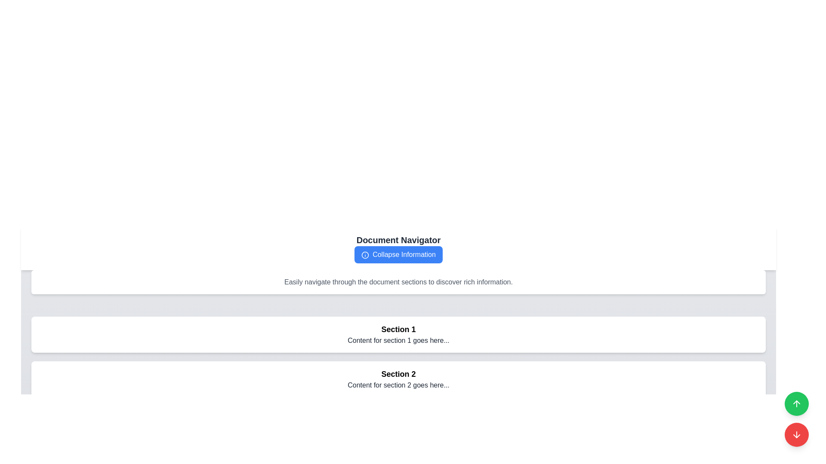 The image size is (826, 464). What do you see at coordinates (365, 254) in the screenshot?
I see `the circular graphic within the information icon located next to the 'Collapse Information' text in the header of the UI` at bounding box center [365, 254].